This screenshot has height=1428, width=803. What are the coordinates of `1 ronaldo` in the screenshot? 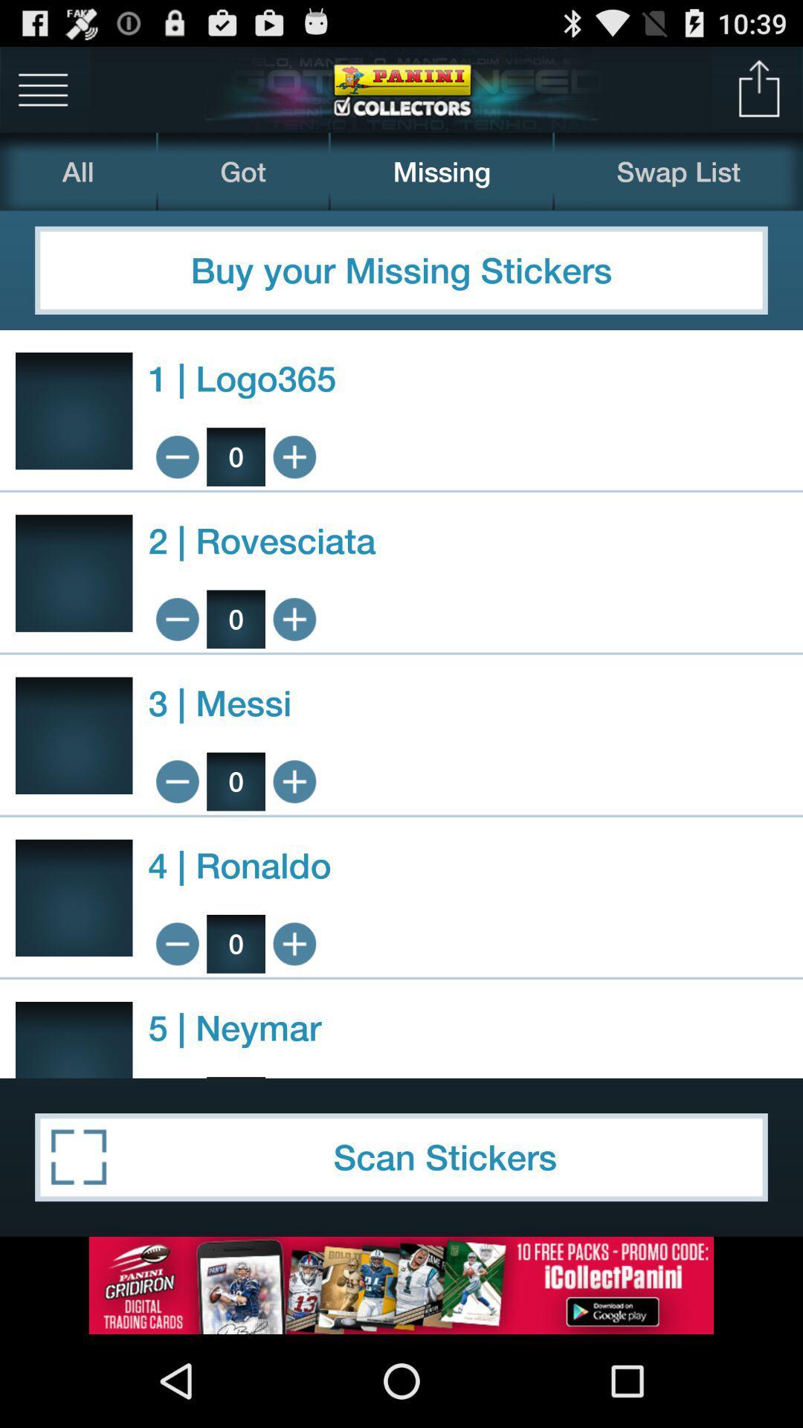 It's located at (294, 943).